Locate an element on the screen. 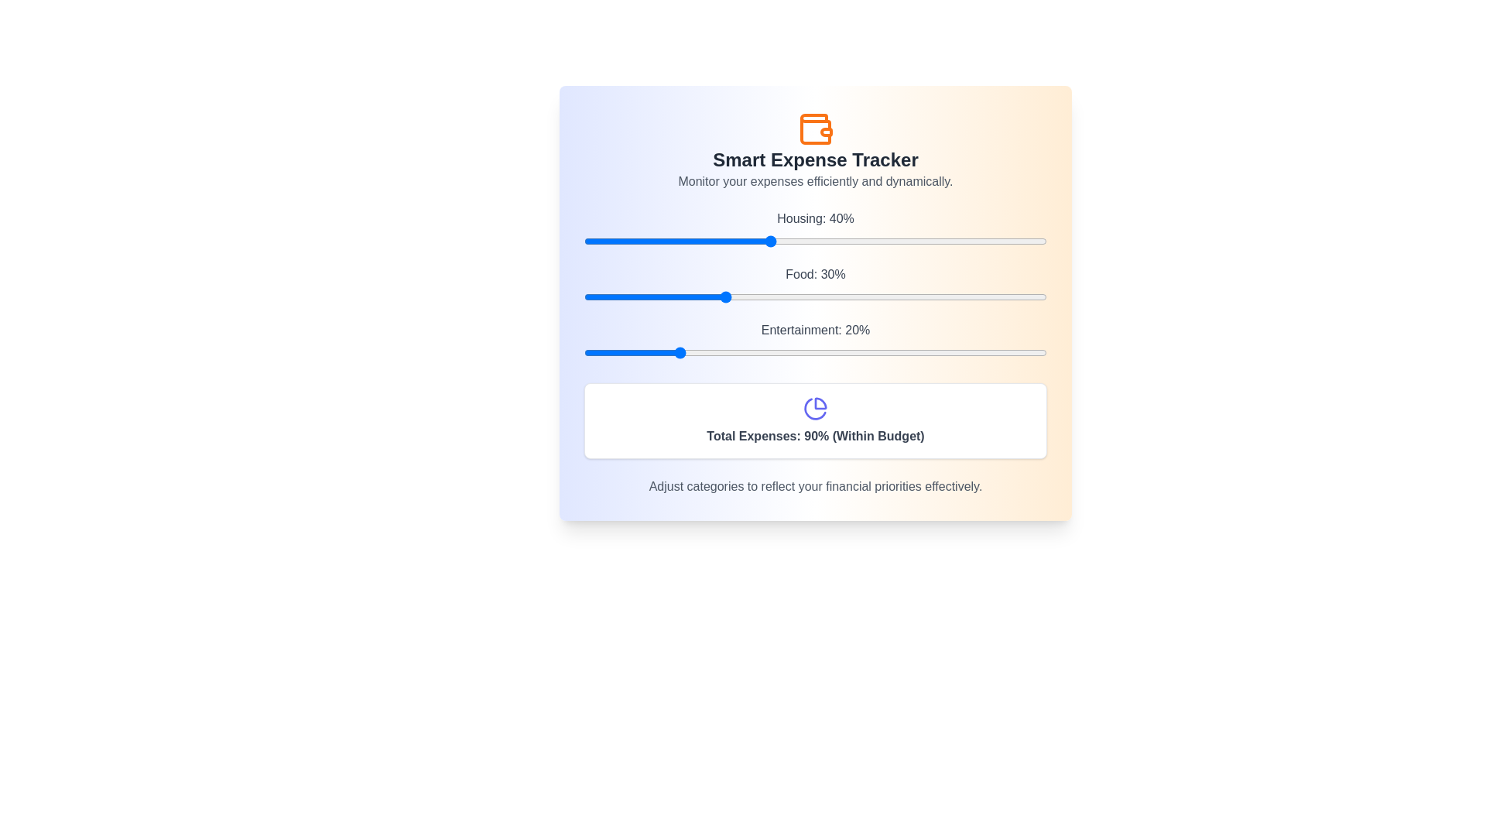  the Entertainment slider to 99% is located at coordinates (1043, 352).